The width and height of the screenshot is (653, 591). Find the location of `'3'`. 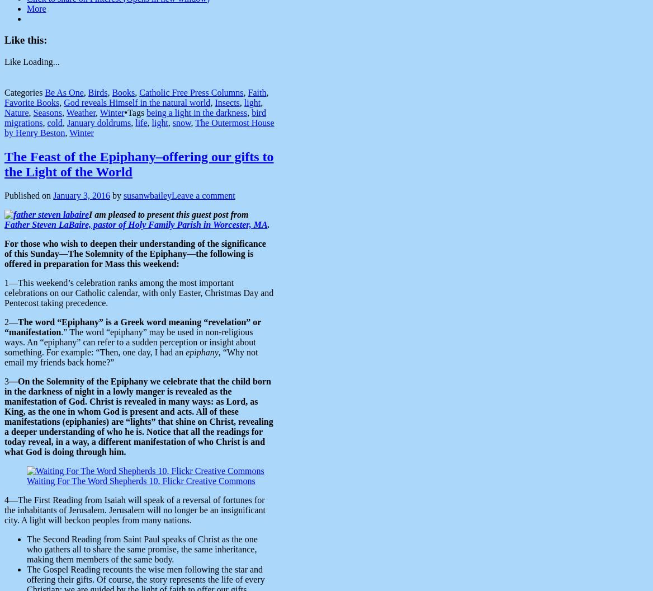

'3' is located at coordinates (7, 381).